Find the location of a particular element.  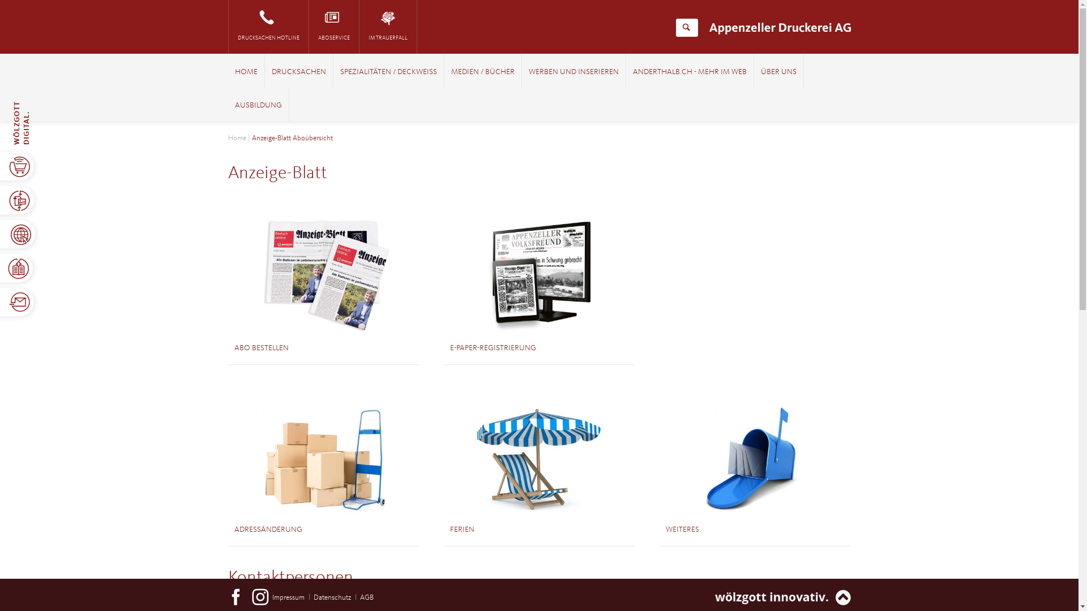

'AUSBILDUNG' is located at coordinates (257, 105).